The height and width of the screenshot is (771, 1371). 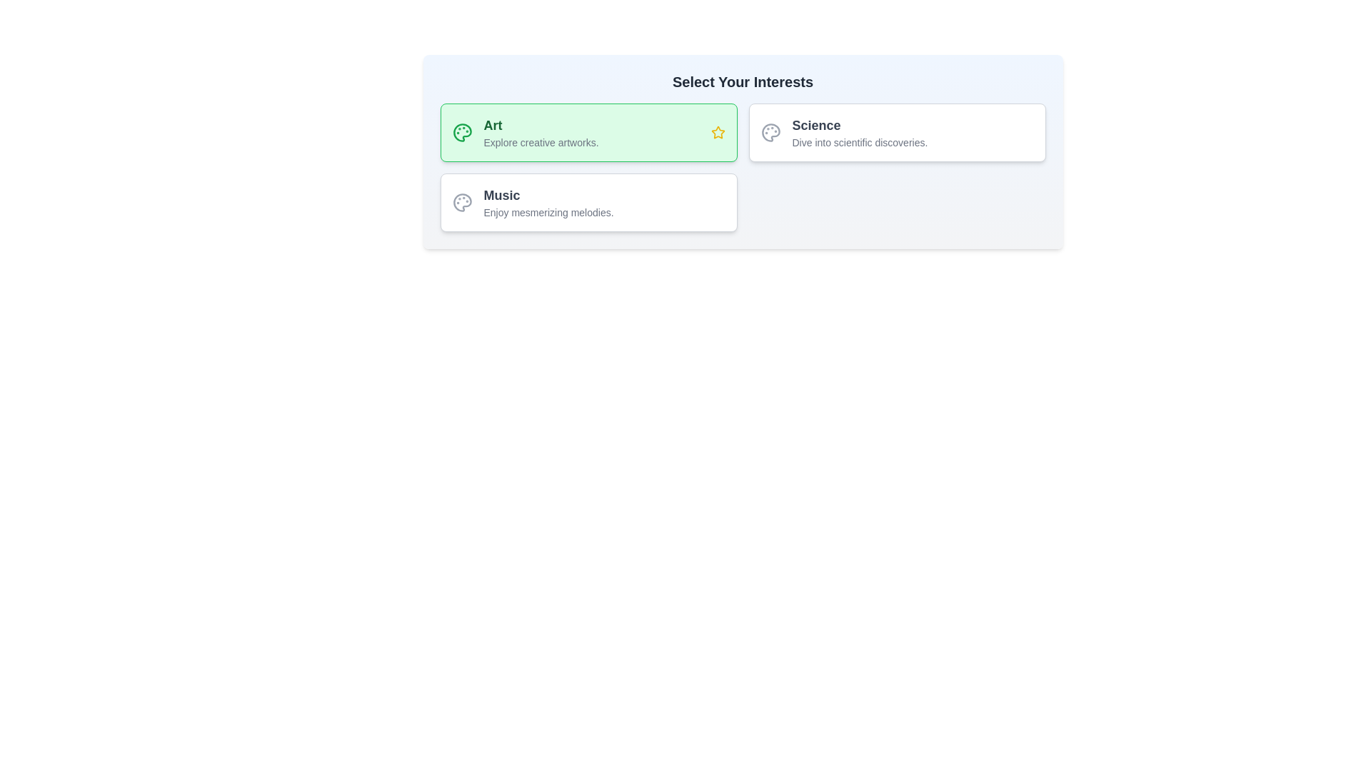 What do you see at coordinates (588, 203) in the screenshot?
I see `the category Music by clicking its button` at bounding box center [588, 203].